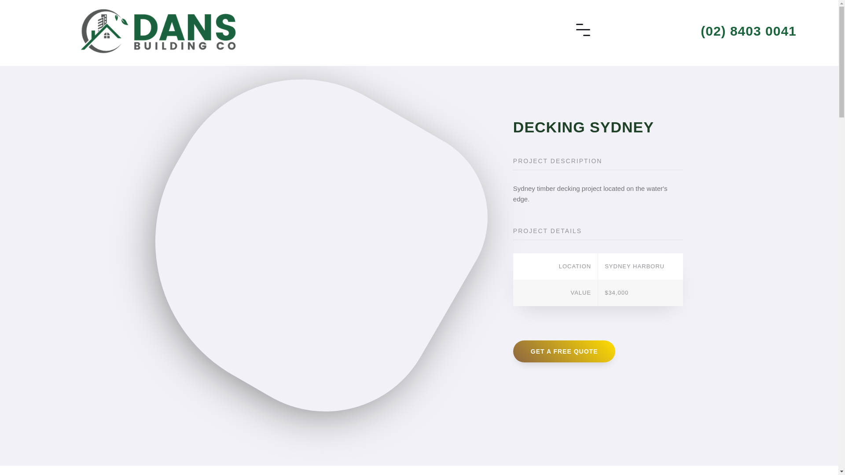  What do you see at coordinates (564, 351) in the screenshot?
I see `'GET A FREE QUOTE'` at bounding box center [564, 351].